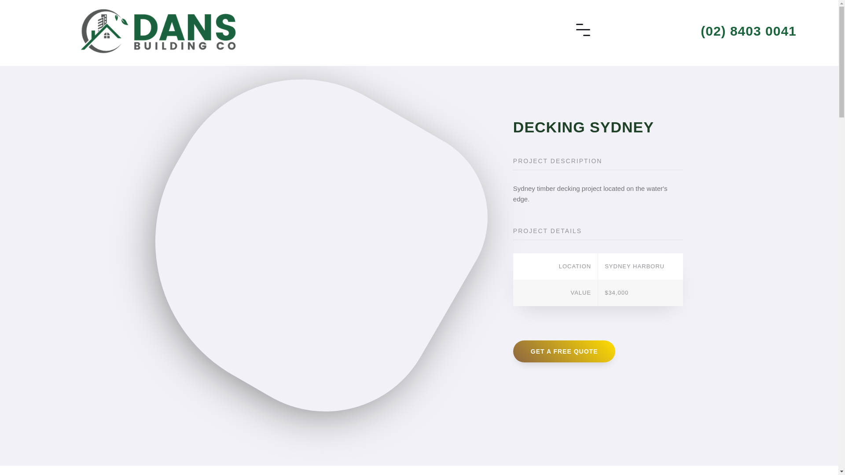  What do you see at coordinates (564, 351) in the screenshot?
I see `'GET A FREE QUOTE'` at bounding box center [564, 351].